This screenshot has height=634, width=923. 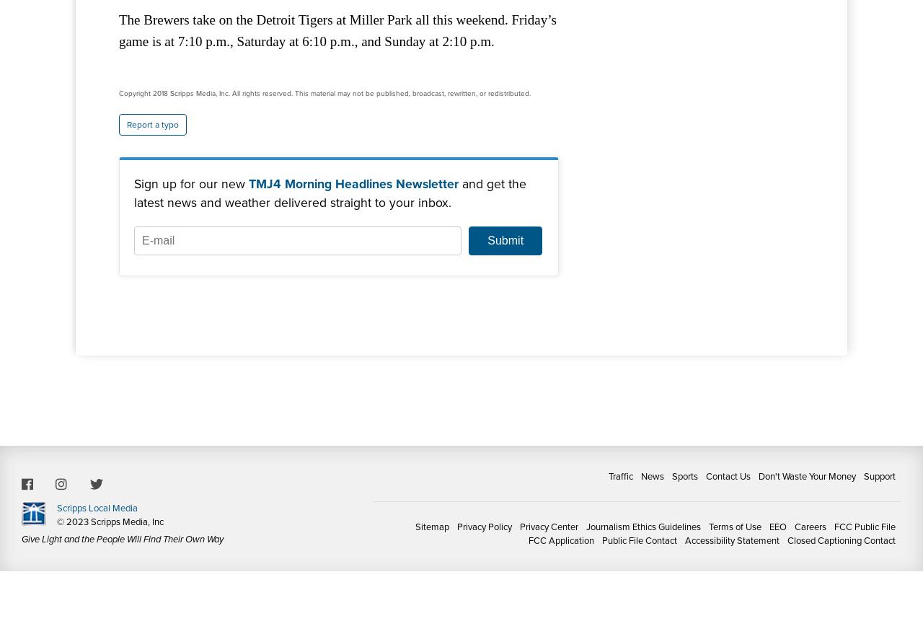 What do you see at coordinates (152, 123) in the screenshot?
I see `'Report a typo'` at bounding box center [152, 123].